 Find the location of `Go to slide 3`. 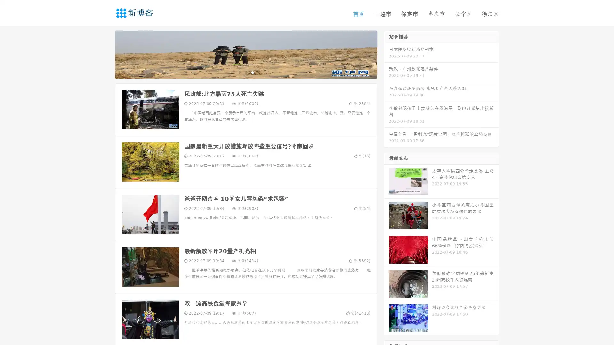

Go to slide 3 is located at coordinates (252, 72).